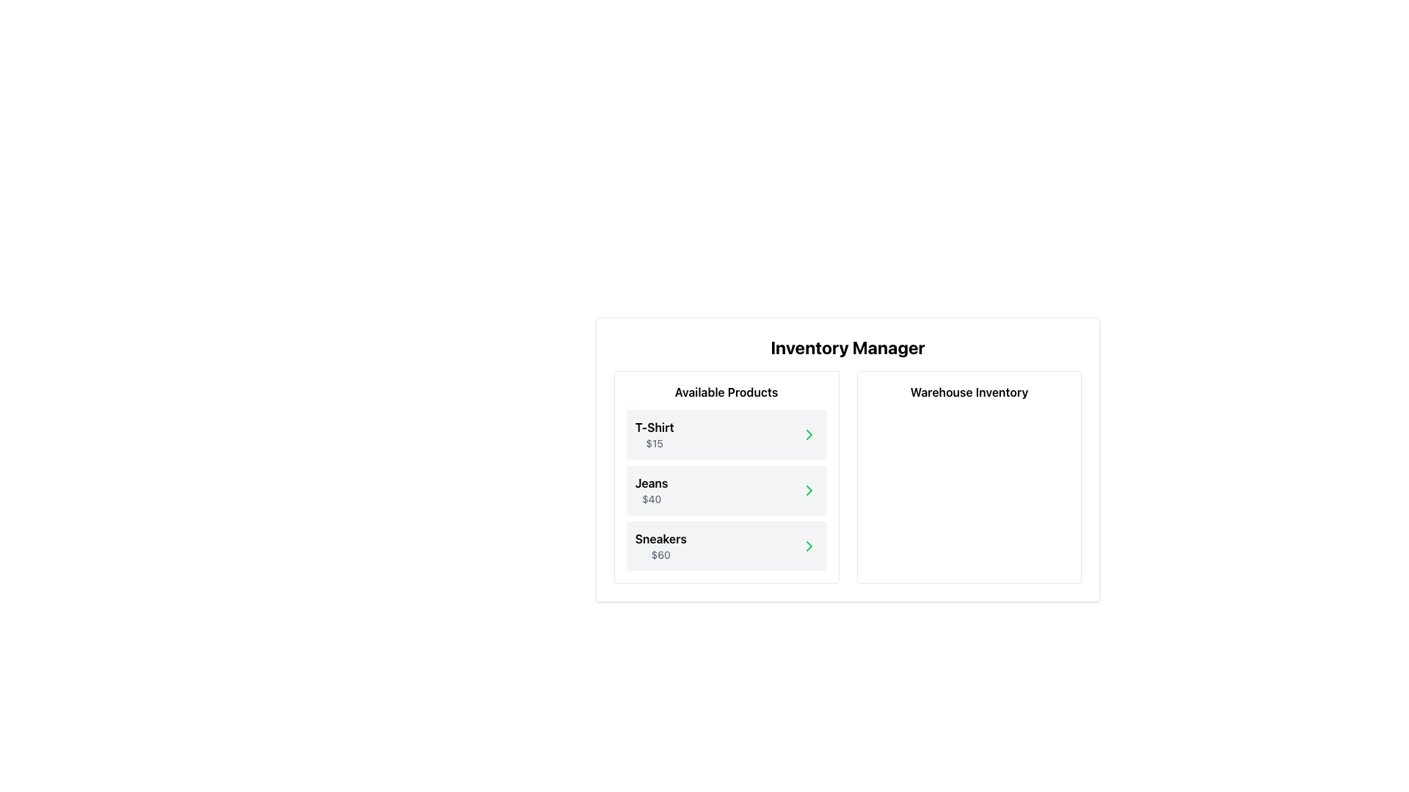 Image resolution: width=1409 pixels, height=792 pixels. I want to click on the 'Sneakers' text label in the third item of the 'Available Products' list, so click(660, 539).